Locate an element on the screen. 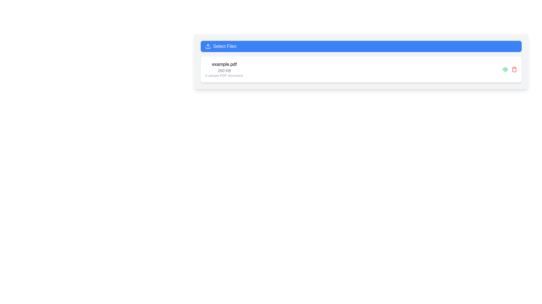 The height and width of the screenshot is (304, 542). the static text label reading 'A sample PDF document.' which is positioned below the '200 KB' text within a file information card is located at coordinates (224, 75).